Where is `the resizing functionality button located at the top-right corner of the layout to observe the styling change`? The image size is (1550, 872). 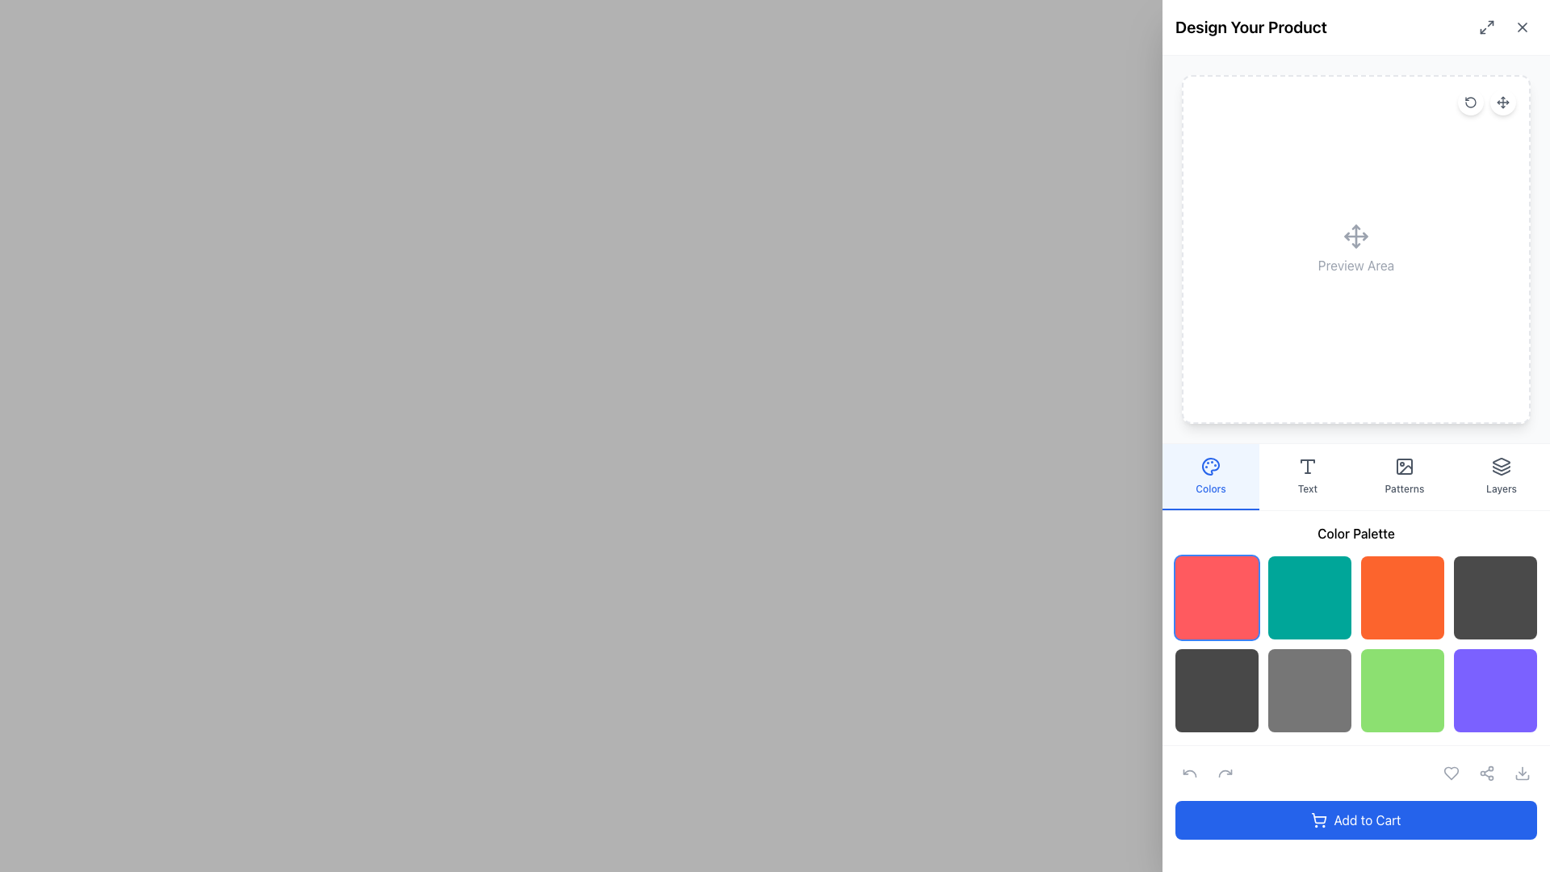
the resizing functionality button located at the top-right corner of the layout to observe the styling change is located at coordinates (1486, 27).